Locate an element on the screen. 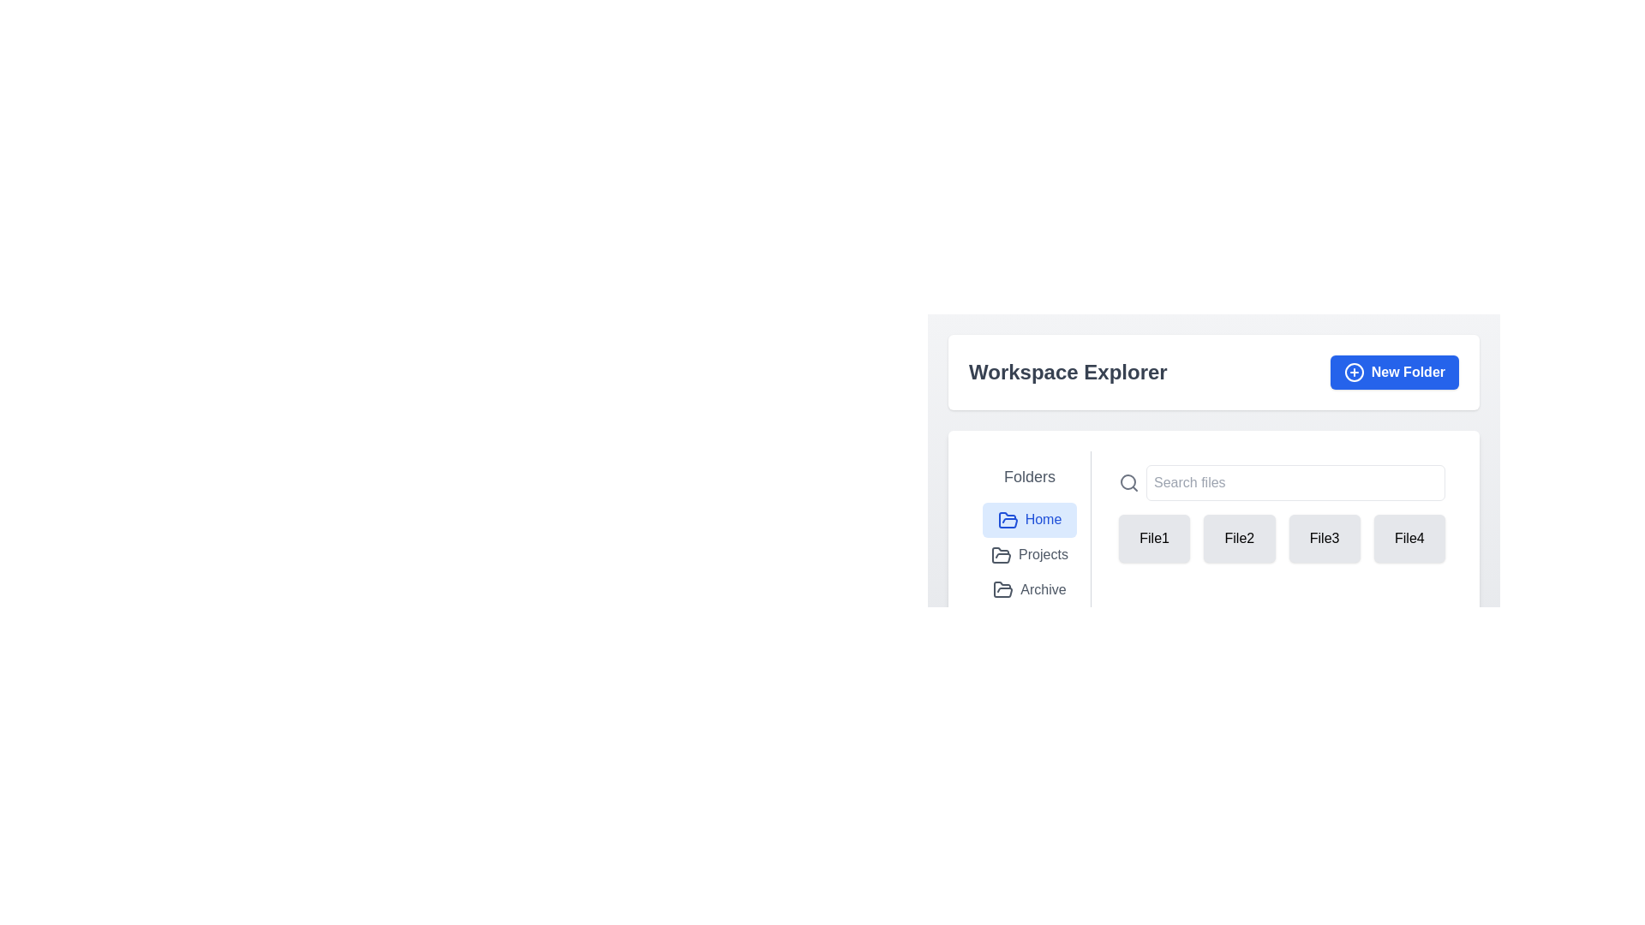 The height and width of the screenshot is (925, 1645). the blue outlined folder icon located to the left of the 'Home' text within the navigation section under 'Folders' is located at coordinates (1008, 519).